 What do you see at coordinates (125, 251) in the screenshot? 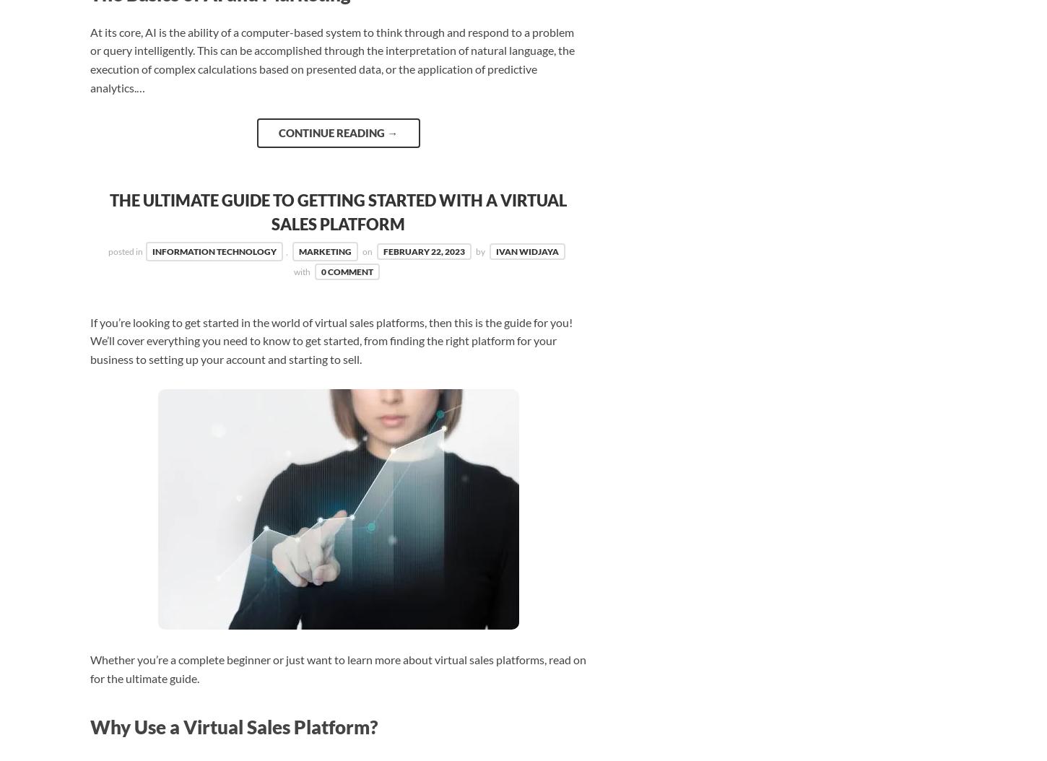
I see `'posted in'` at bounding box center [125, 251].